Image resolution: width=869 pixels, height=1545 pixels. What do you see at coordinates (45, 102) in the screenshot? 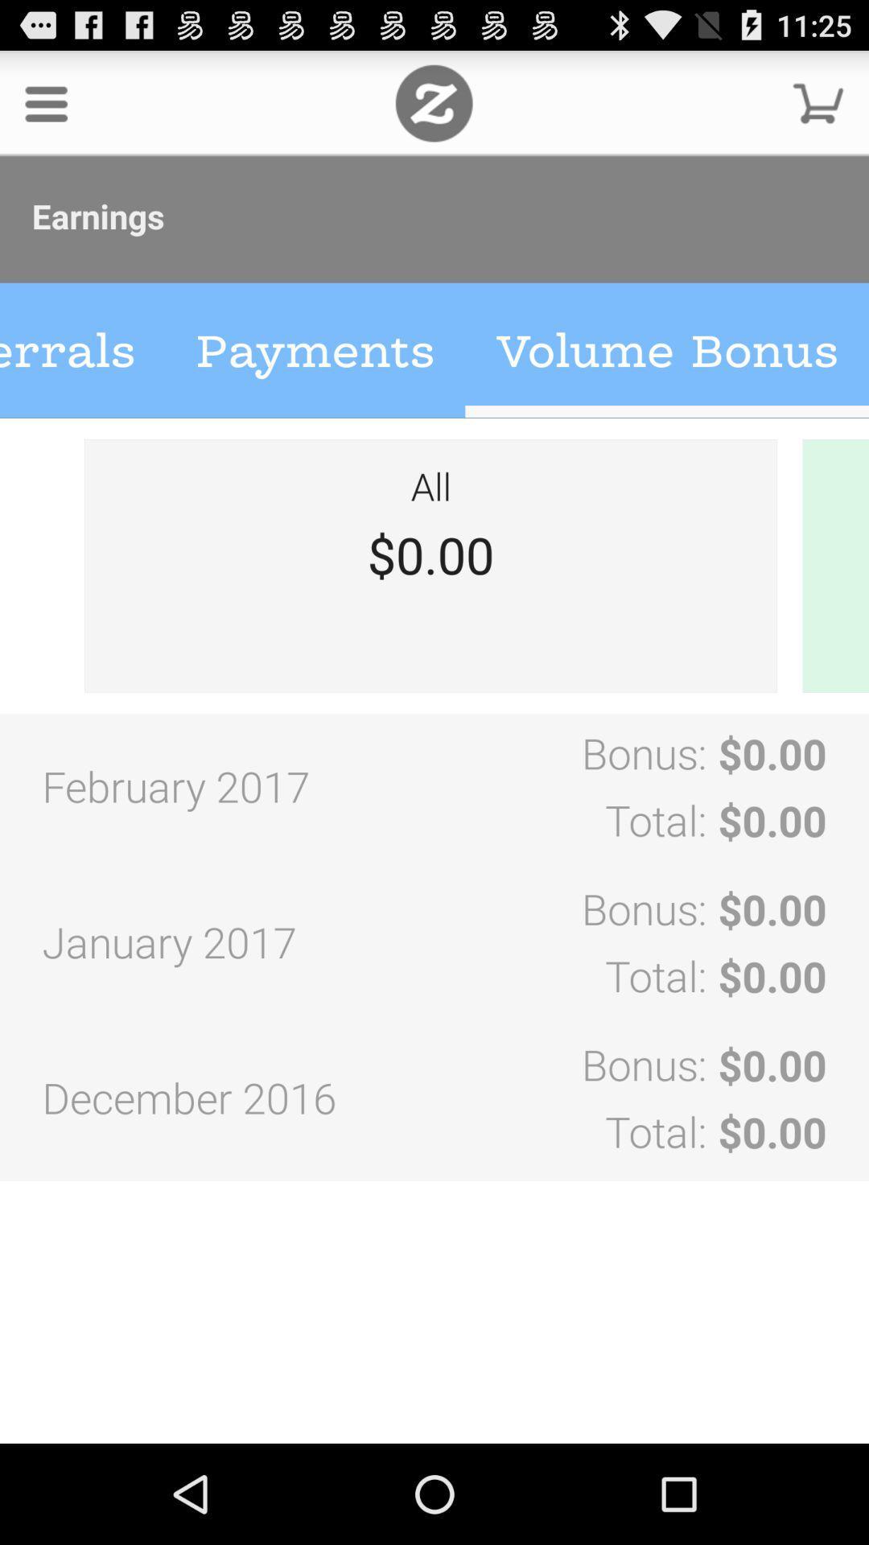
I see `menu` at bounding box center [45, 102].